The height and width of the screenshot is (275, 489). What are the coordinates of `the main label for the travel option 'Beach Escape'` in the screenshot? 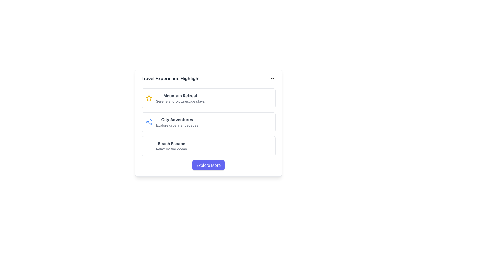 It's located at (171, 143).